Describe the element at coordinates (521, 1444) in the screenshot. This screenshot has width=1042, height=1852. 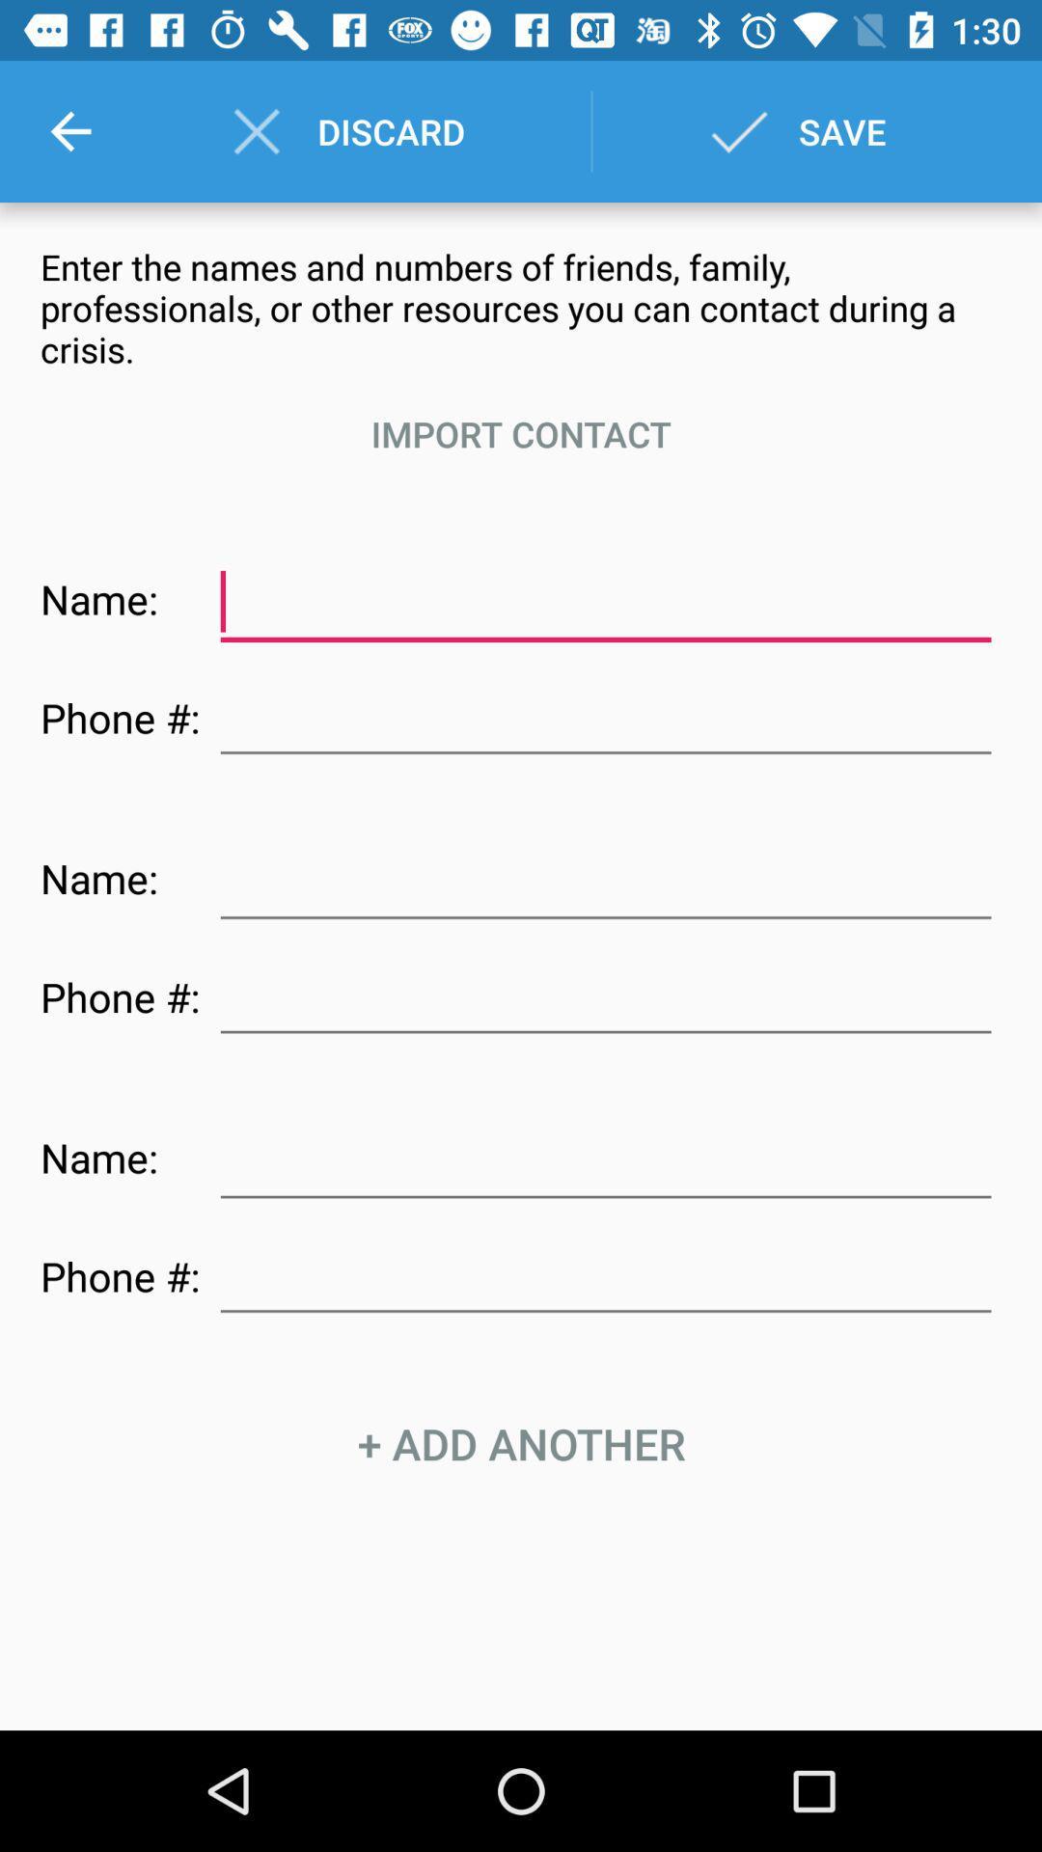
I see `+ add another` at that location.